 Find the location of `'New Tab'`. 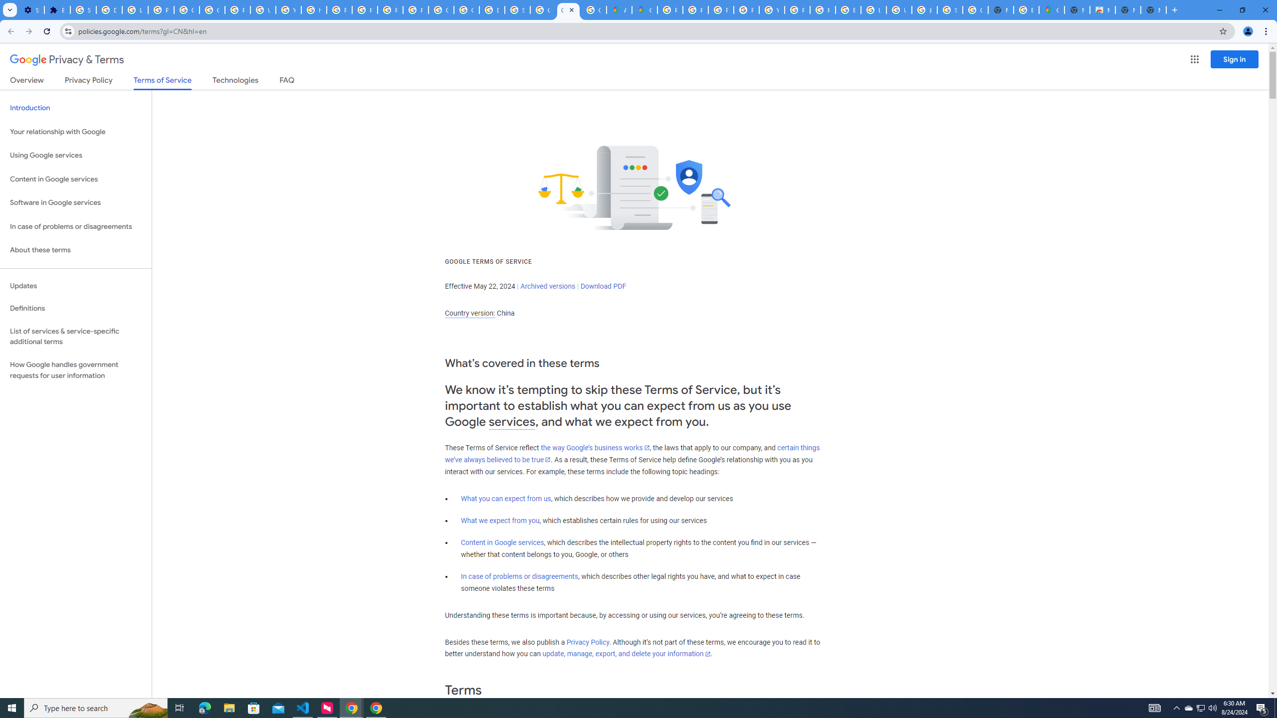

'New Tab' is located at coordinates (1153, 9).